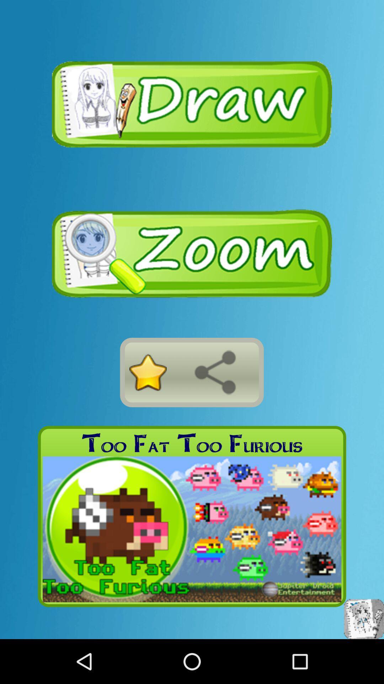  I want to click on the app above the too fat too item, so click(215, 372).